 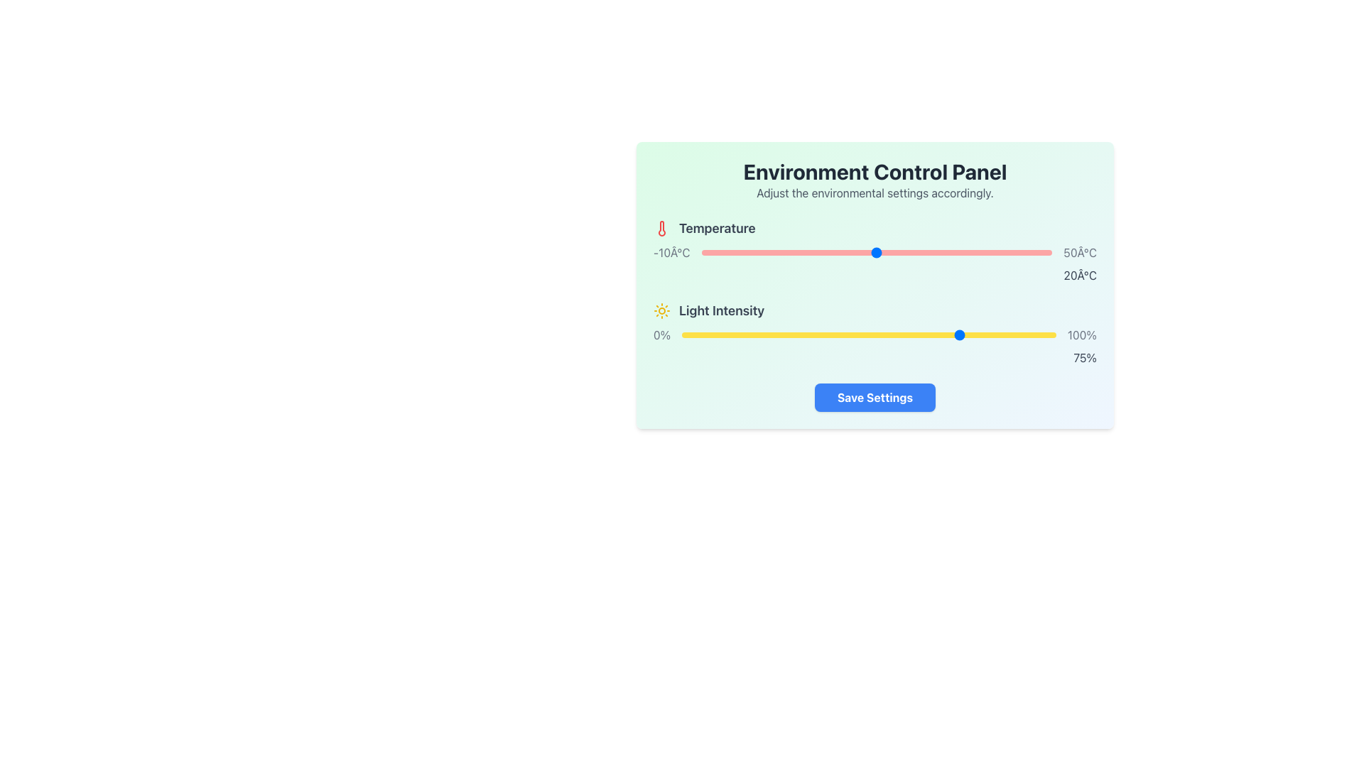 What do you see at coordinates (1022, 334) in the screenshot?
I see `the light intensity` at bounding box center [1022, 334].